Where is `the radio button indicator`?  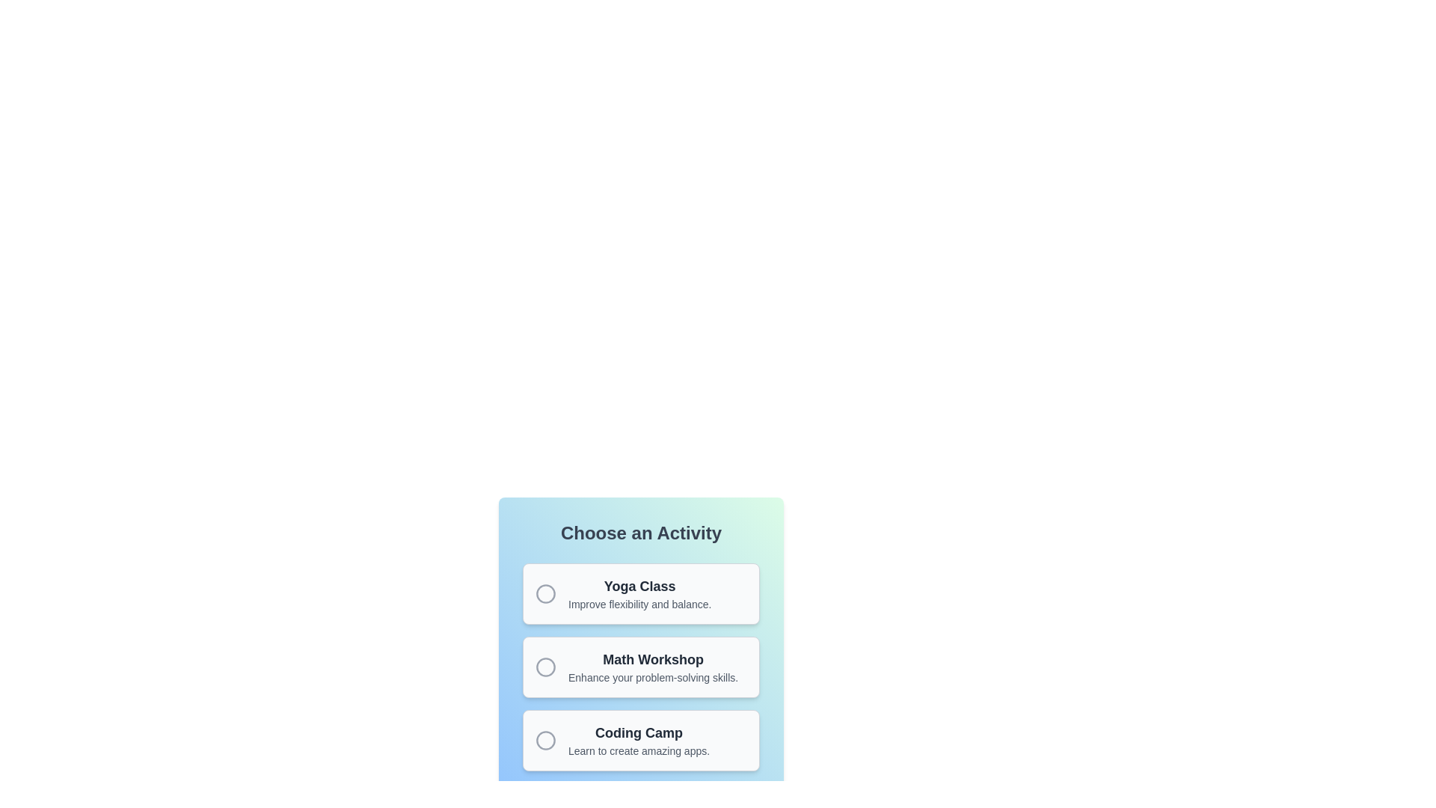 the radio button indicator is located at coordinates (544, 593).